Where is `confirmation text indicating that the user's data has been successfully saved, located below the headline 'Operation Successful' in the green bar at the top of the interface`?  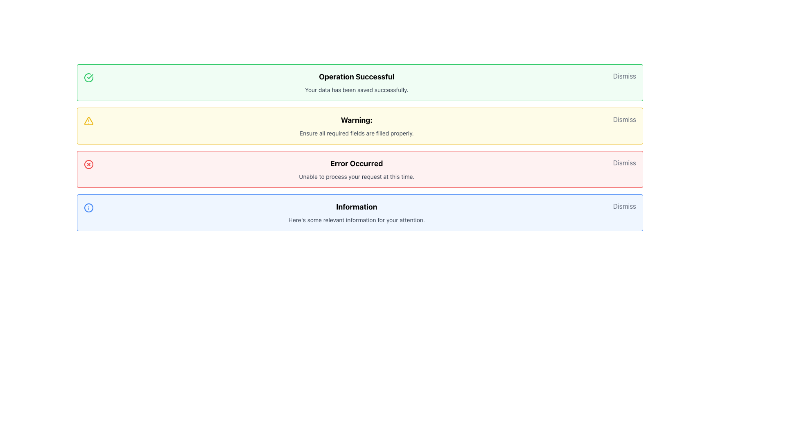
confirmation text indicating that the user's data has been successfully saved, located below the headline 'Operation Successful' in the green bar at the top of the interface is located at coordinates (357, 90).